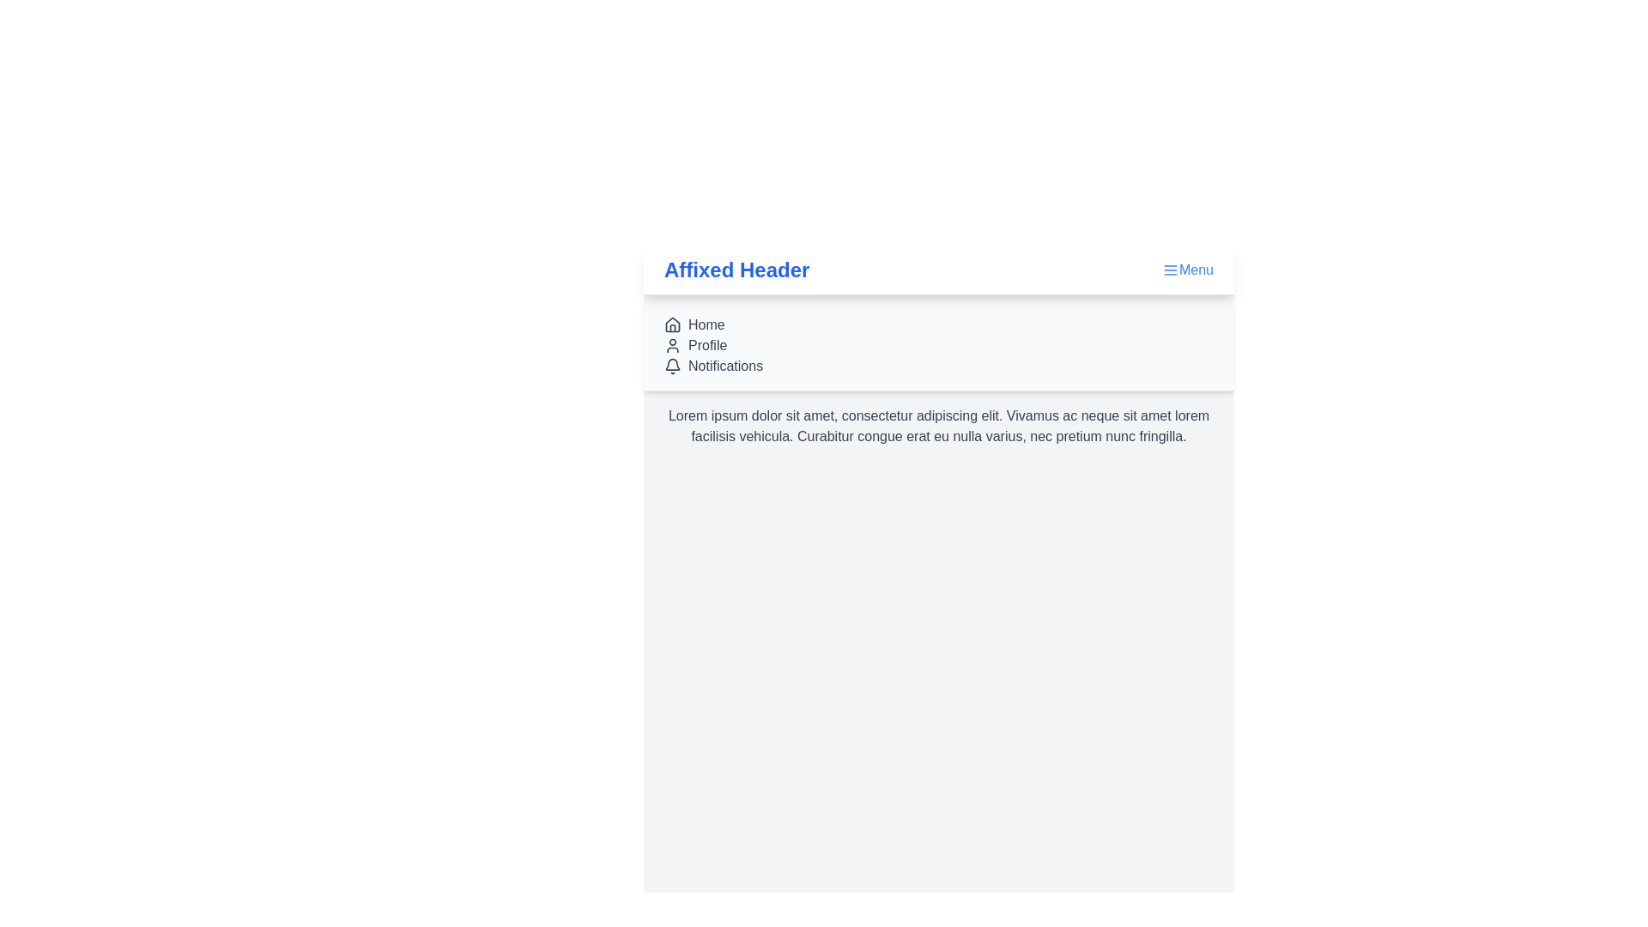  Describe the element at coordinates (671, 324) in the screenshot. I see `the 'Home' icon in the navigation menu` at that location.